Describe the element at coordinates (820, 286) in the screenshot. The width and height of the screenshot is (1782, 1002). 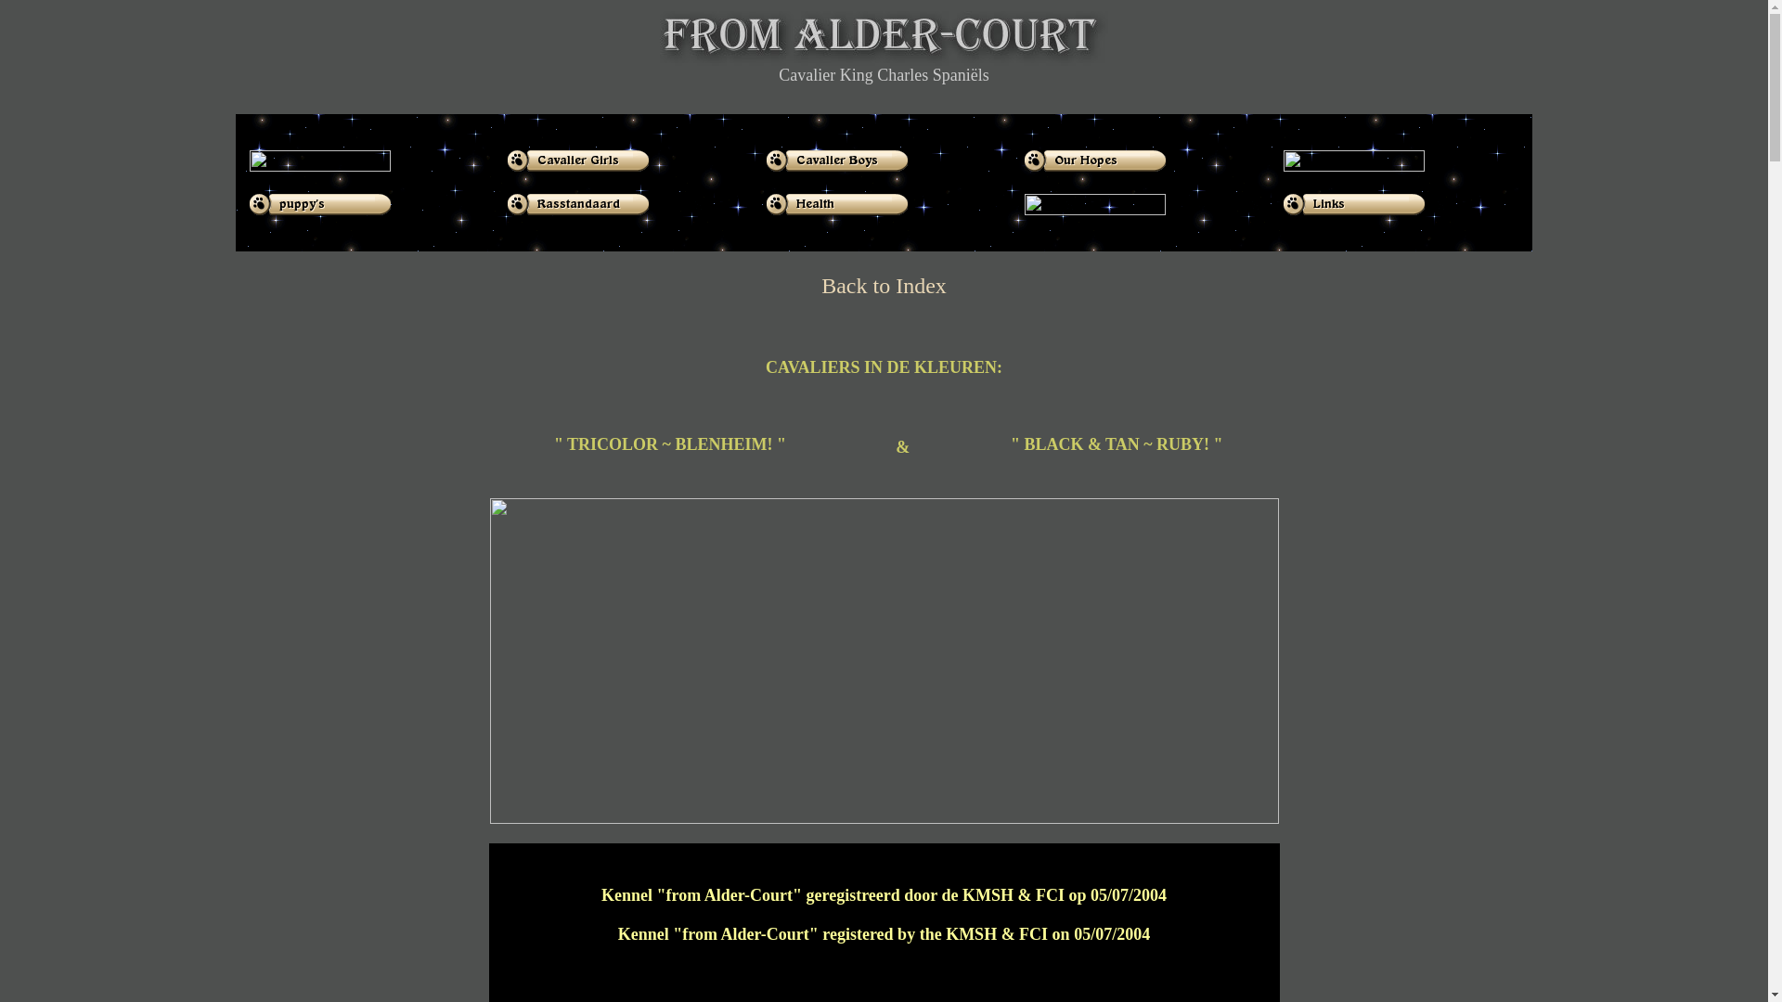
I see `'Back to Index'` at that location.